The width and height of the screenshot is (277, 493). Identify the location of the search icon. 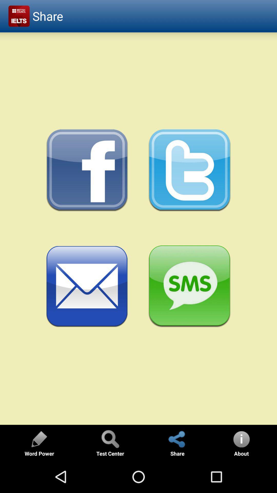
(110, 470).